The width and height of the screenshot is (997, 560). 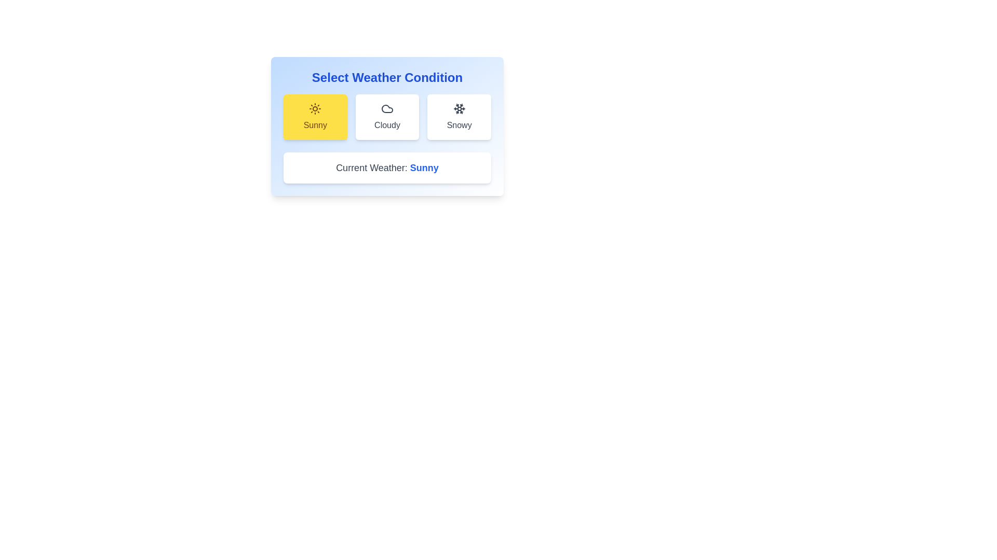 What do you see at coordinates (424, 167) in the screenshot?
I see `the non-interactive text label displaying the current weather condition, which shows 'Sunny' and is located at the bottom of the weather selection panel` at bounding box center [424, 167].